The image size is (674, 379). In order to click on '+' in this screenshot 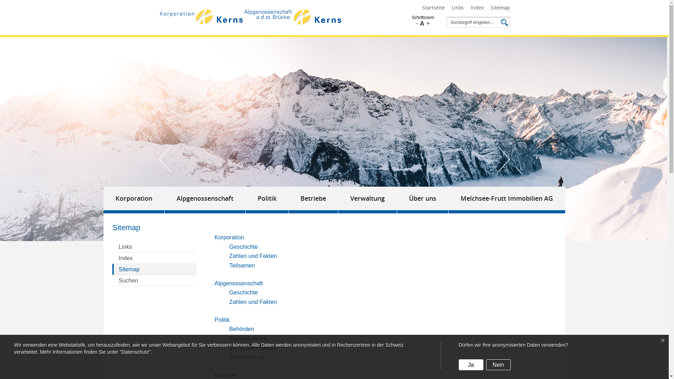, I will do `click(428, 23)`.